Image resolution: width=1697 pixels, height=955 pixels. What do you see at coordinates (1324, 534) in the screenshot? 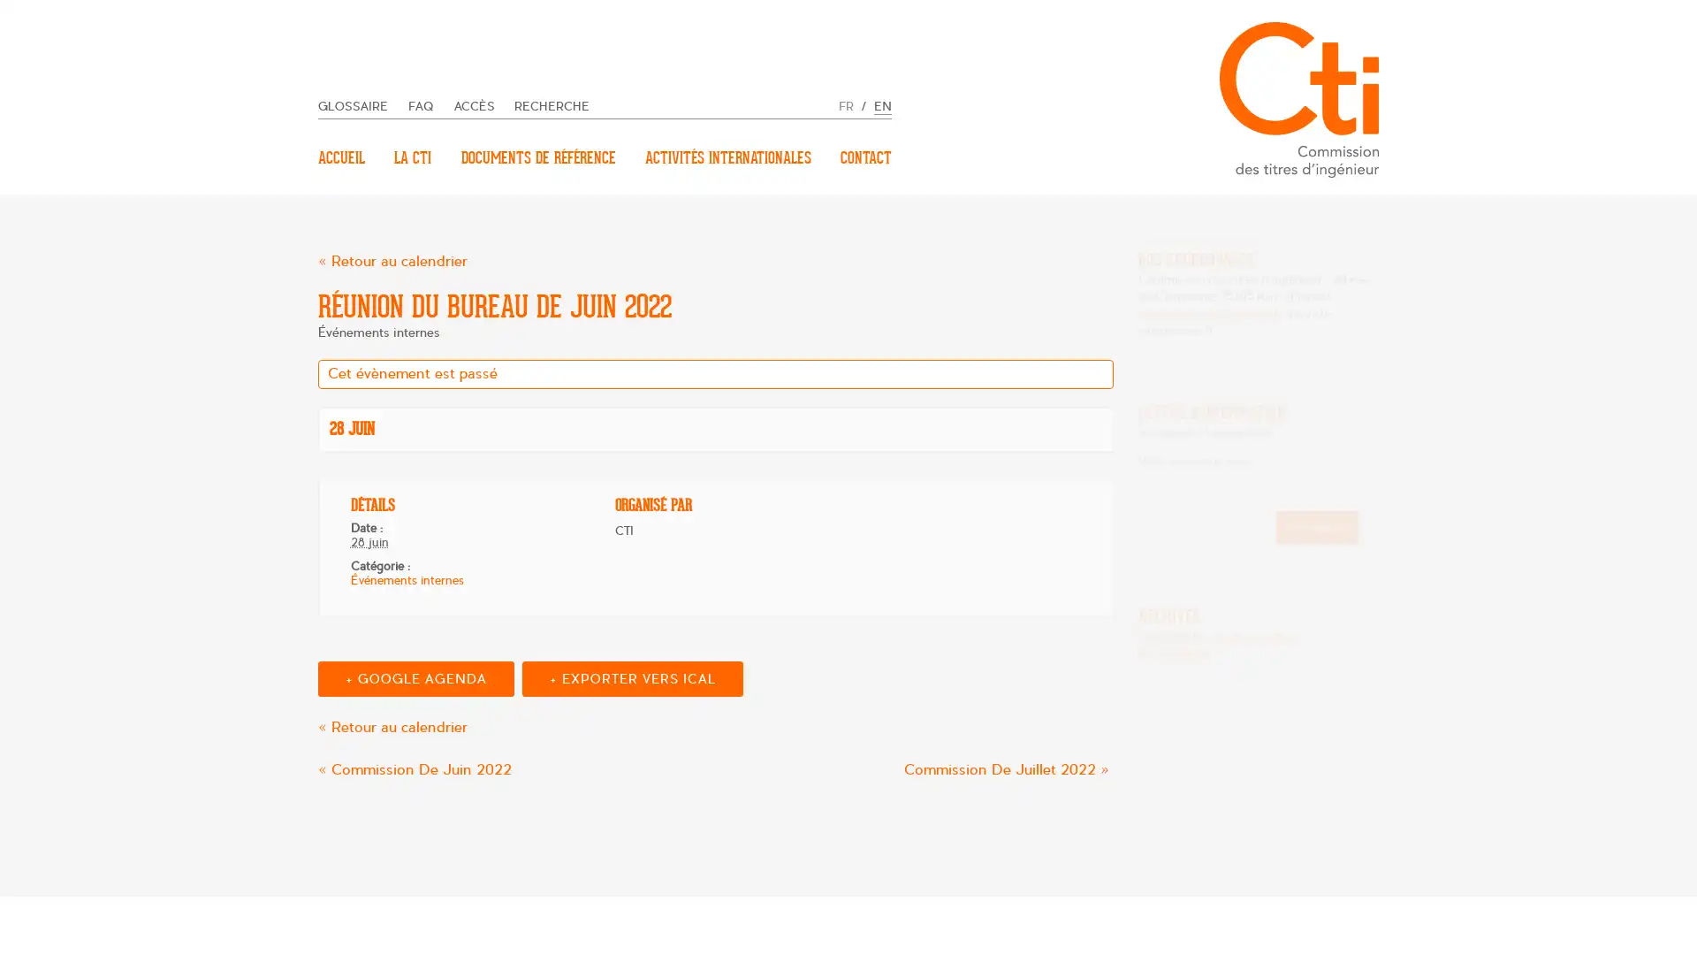
I see `Inscription` at bounding box center [1324, 534].